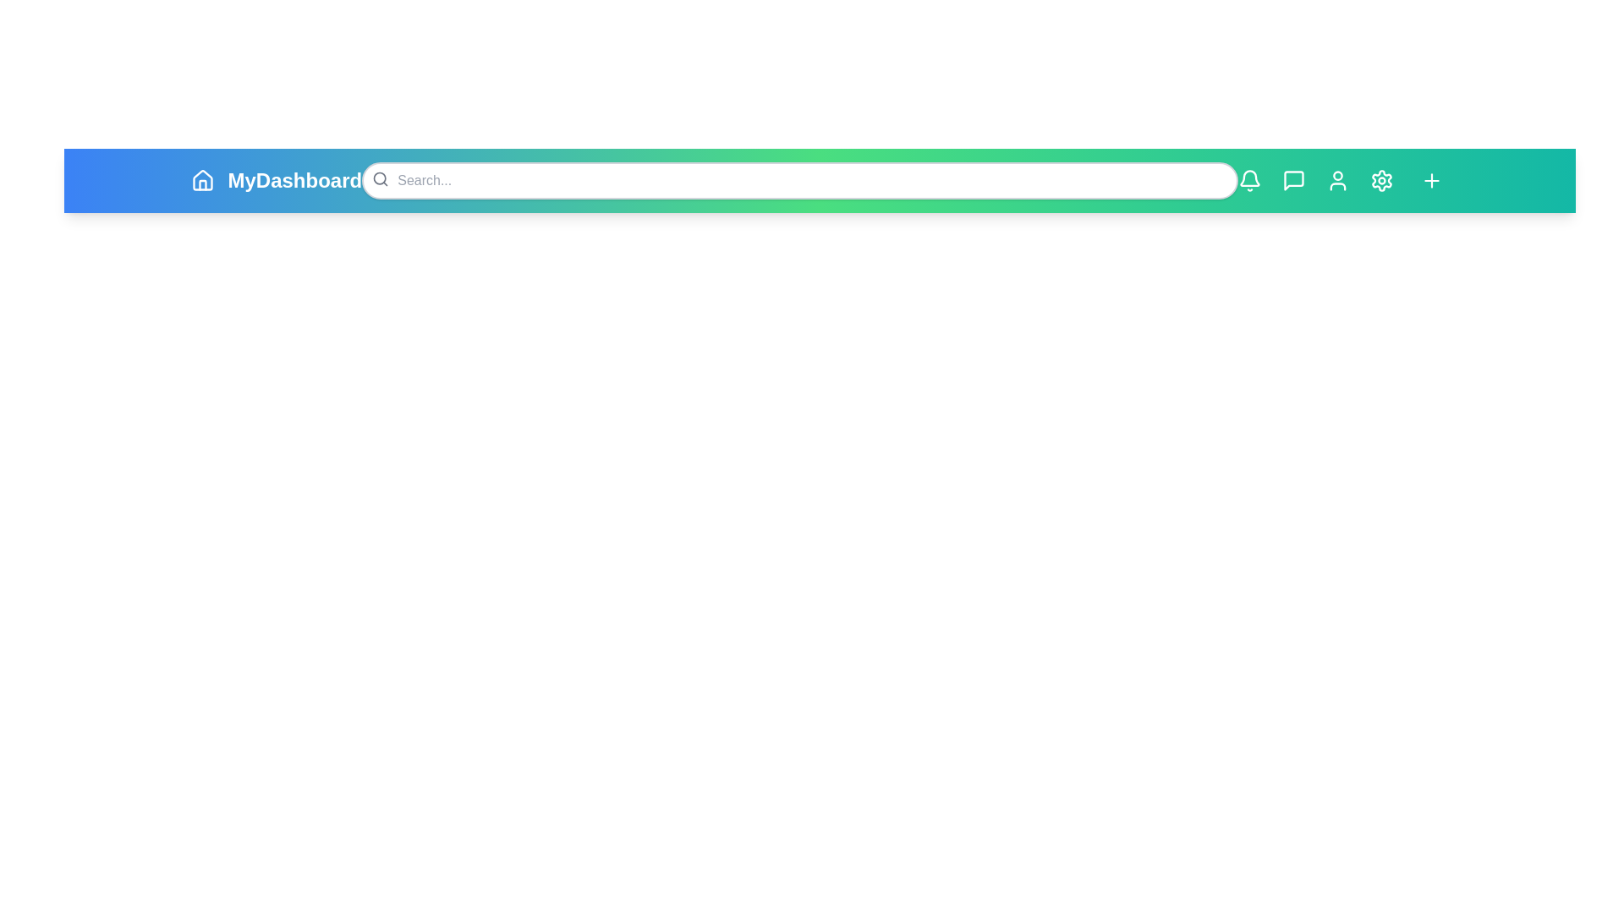 The width and height of the screenshot is (1624, 913). I want to click on the icon with Bell to view its hover effect, so click(1249, 180).